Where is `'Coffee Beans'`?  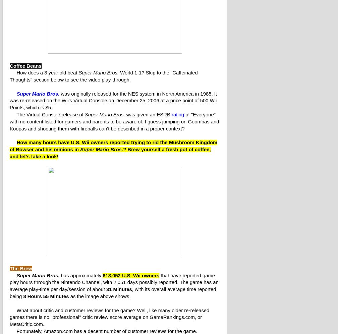
'Coffee Beans' is located at coordinates (10, 66).